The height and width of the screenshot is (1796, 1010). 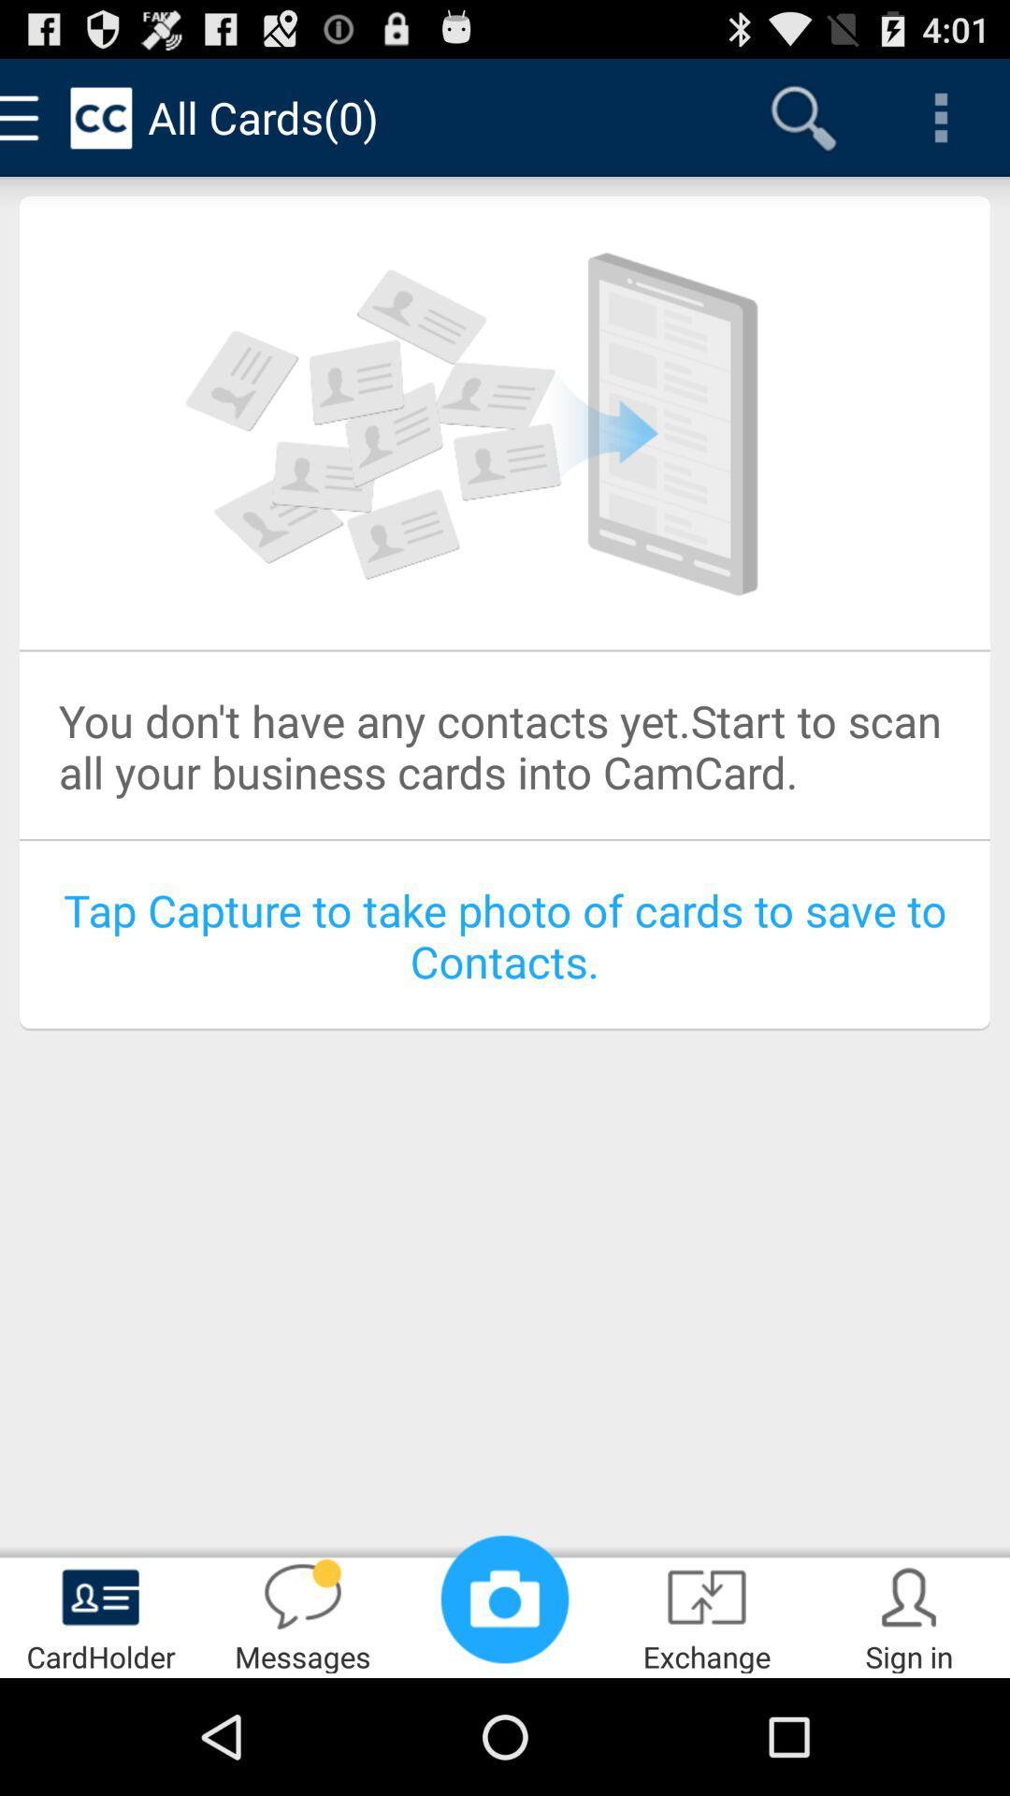 I want to click on the item to the right of cardholder icon, so click(x=302, y=1615).